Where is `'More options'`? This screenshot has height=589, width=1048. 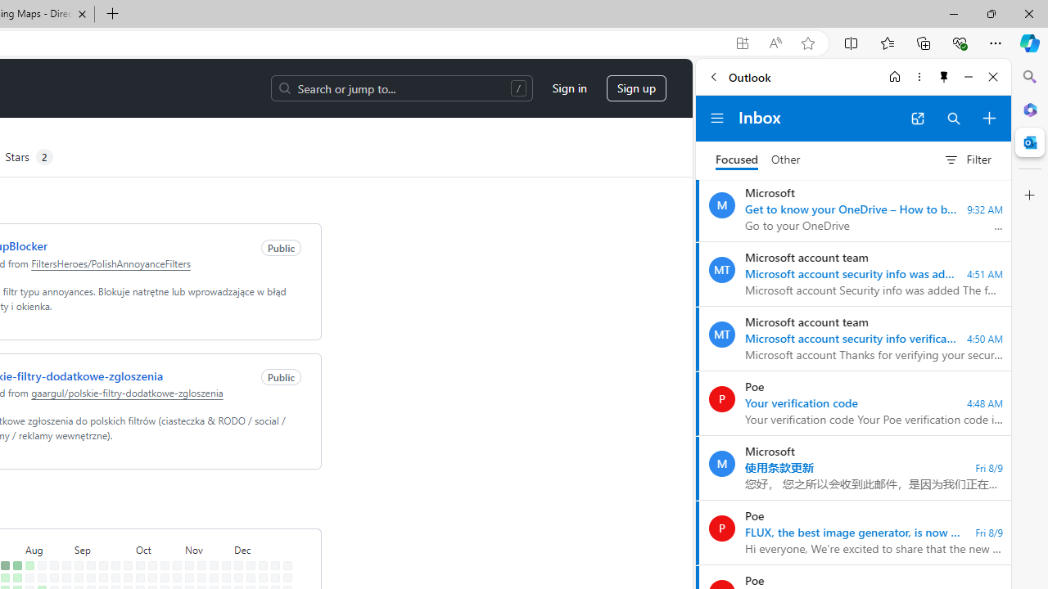 'More options' is located at coordinates (919, 76).